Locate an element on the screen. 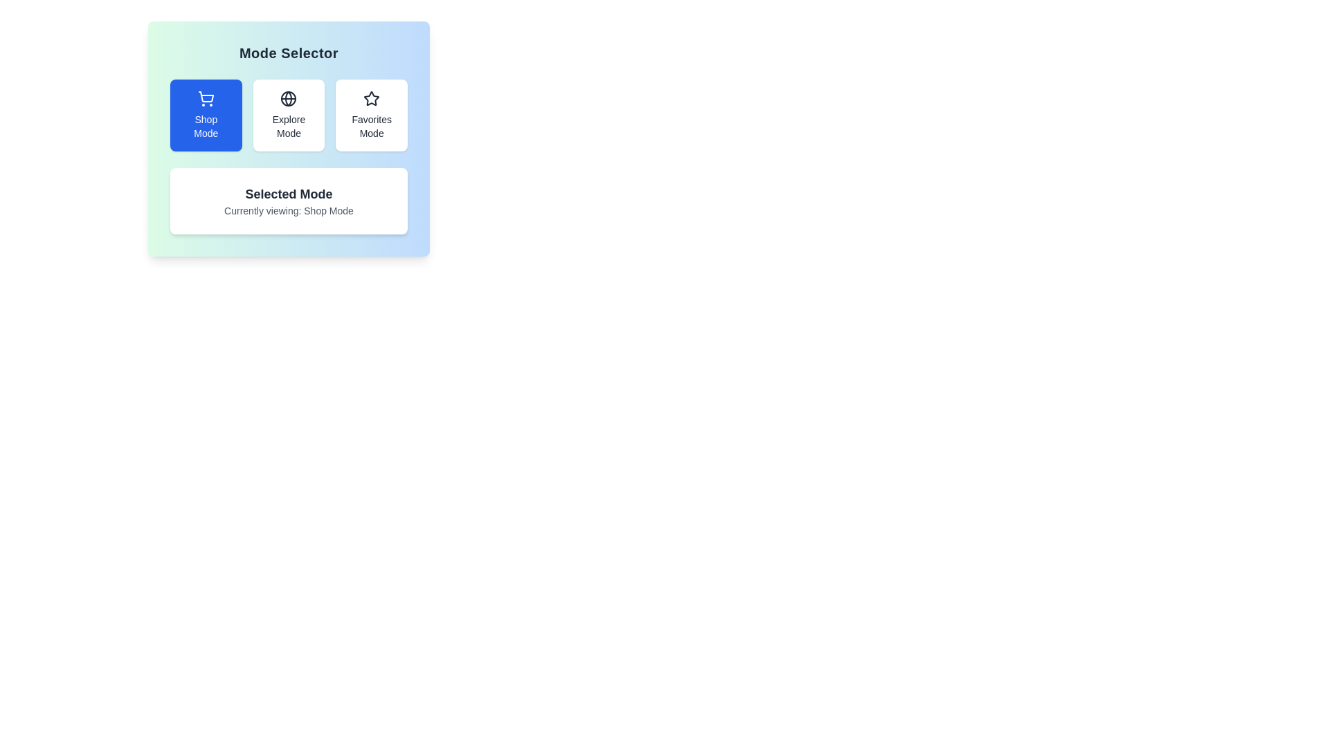 The height and width of the screenshot is (747, 1329). the text label displaying 'Favorites Mode' which is part of the 'Mode Selector' section is located at coordinates (372, 126).